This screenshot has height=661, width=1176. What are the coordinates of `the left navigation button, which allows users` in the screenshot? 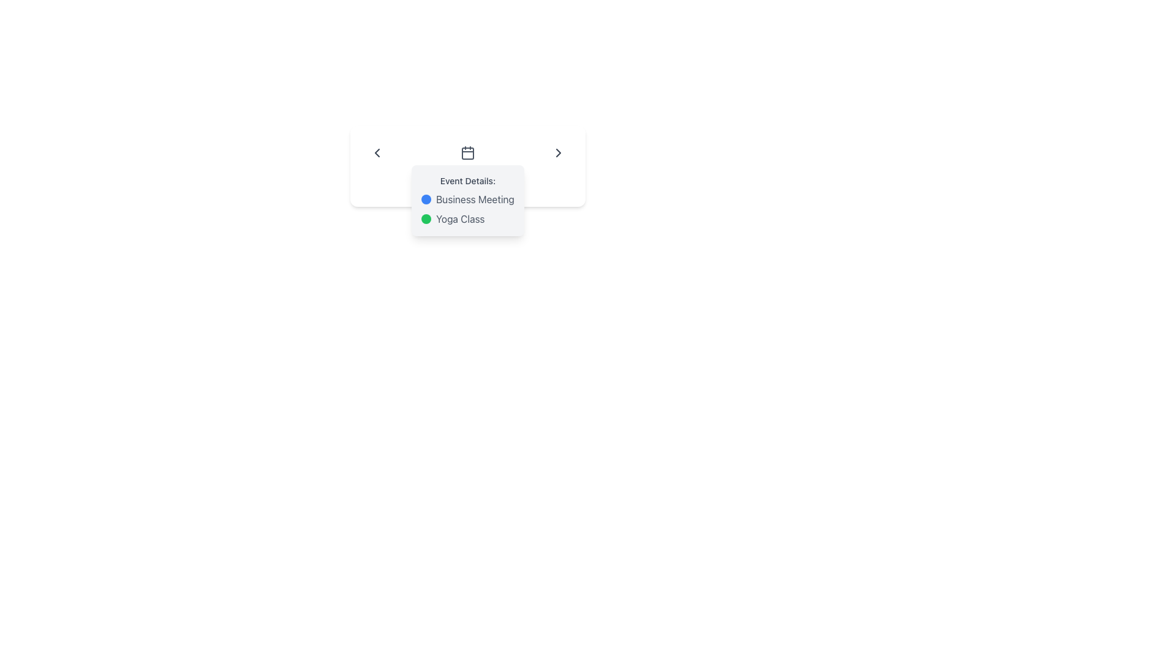 It's located at (376, 152).